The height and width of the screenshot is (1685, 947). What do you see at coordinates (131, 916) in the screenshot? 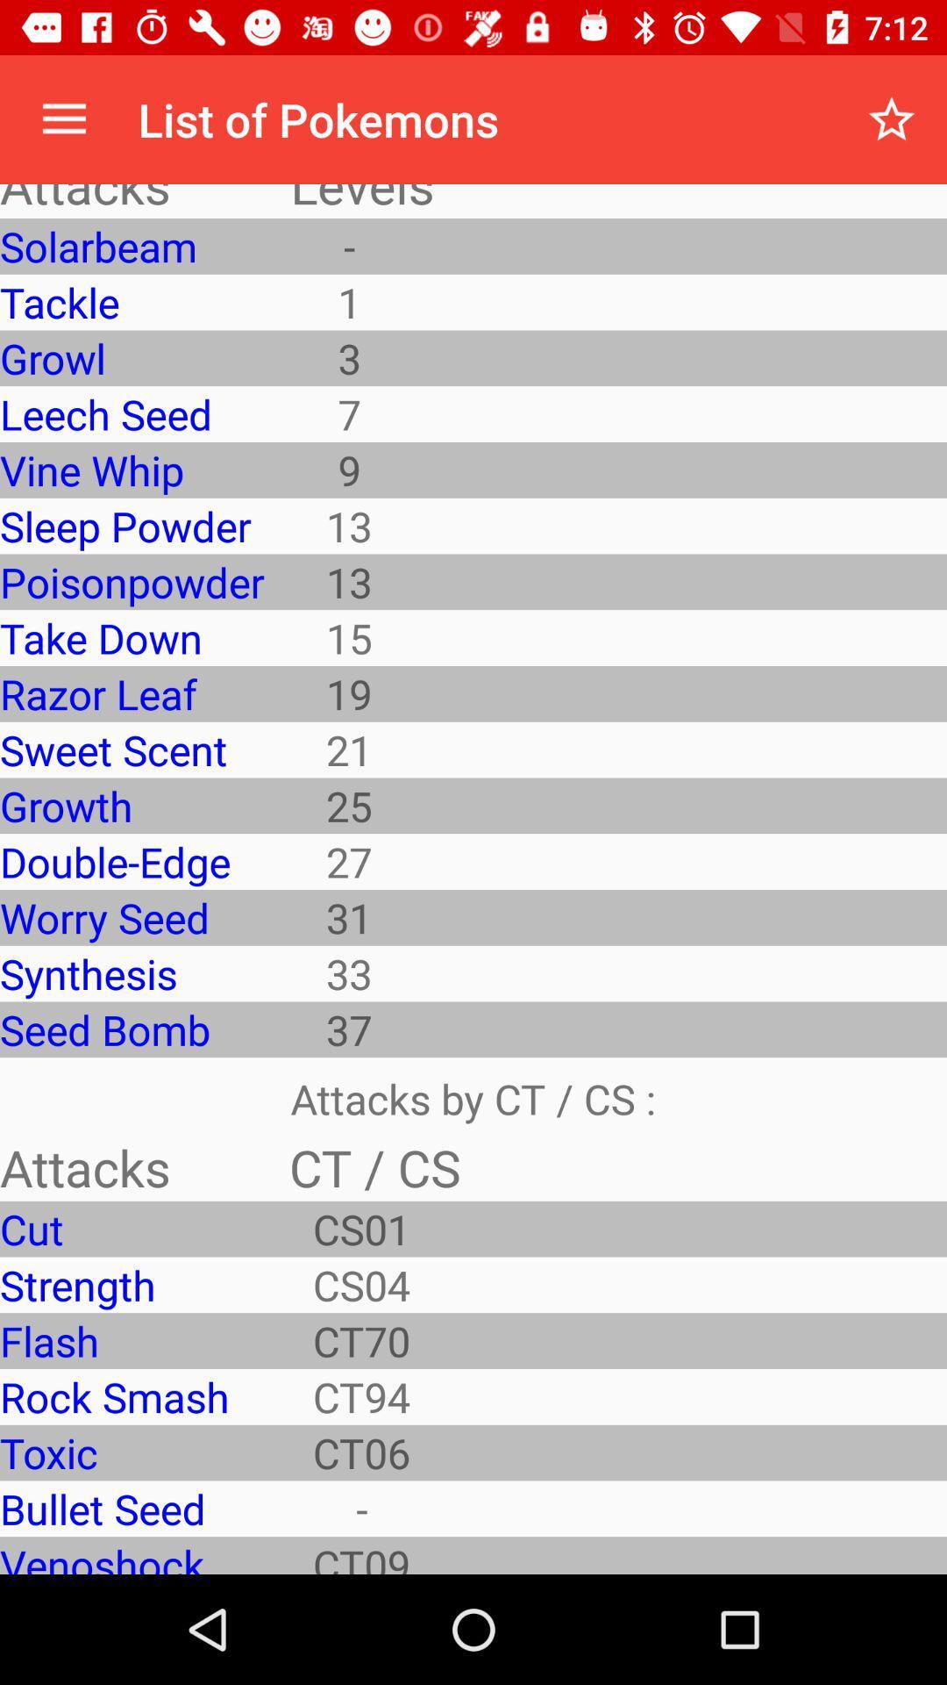
I see `the item below double-edge icon` at bounding box center [131, 916].